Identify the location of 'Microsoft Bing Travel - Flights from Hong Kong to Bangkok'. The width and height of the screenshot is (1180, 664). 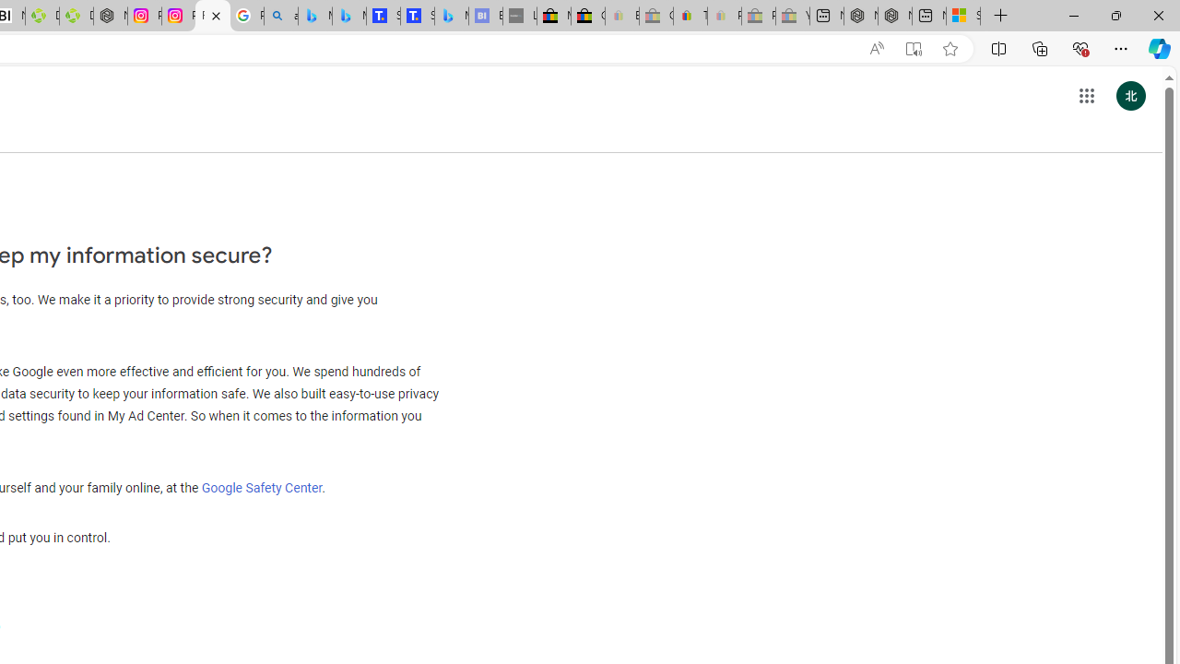
(314, 16).